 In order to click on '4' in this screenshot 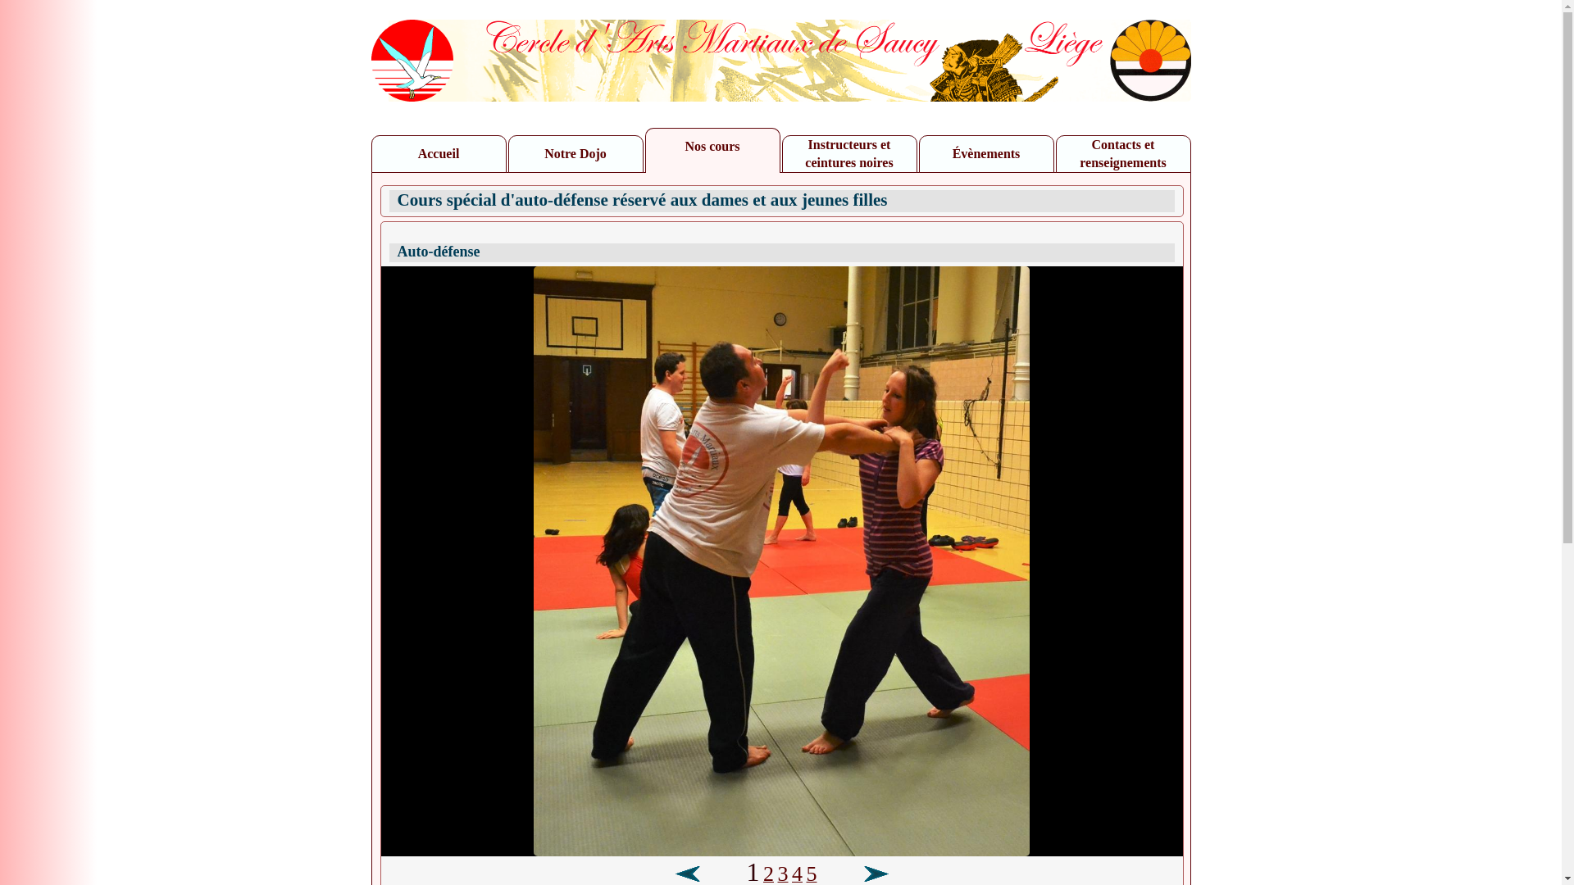, I will do `click(797, 874)`.